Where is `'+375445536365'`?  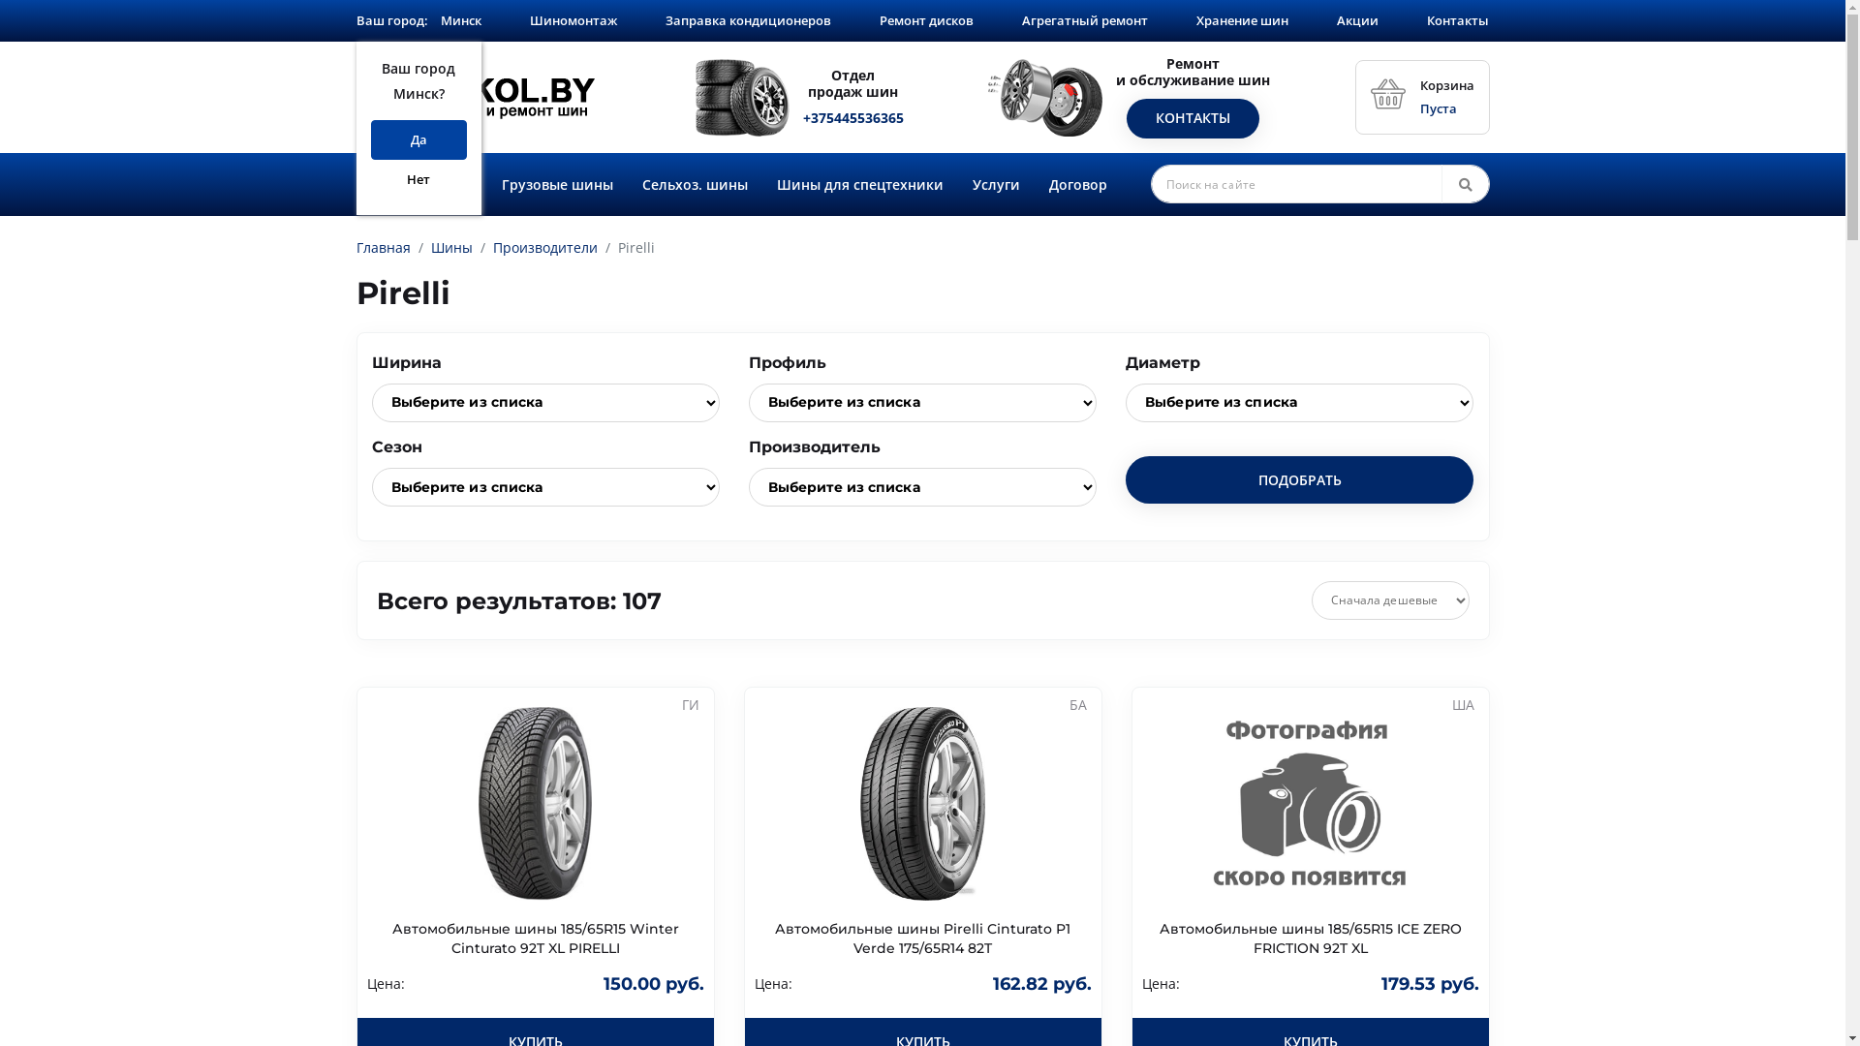
'+375445536365' is located at coordinates (852, 117).